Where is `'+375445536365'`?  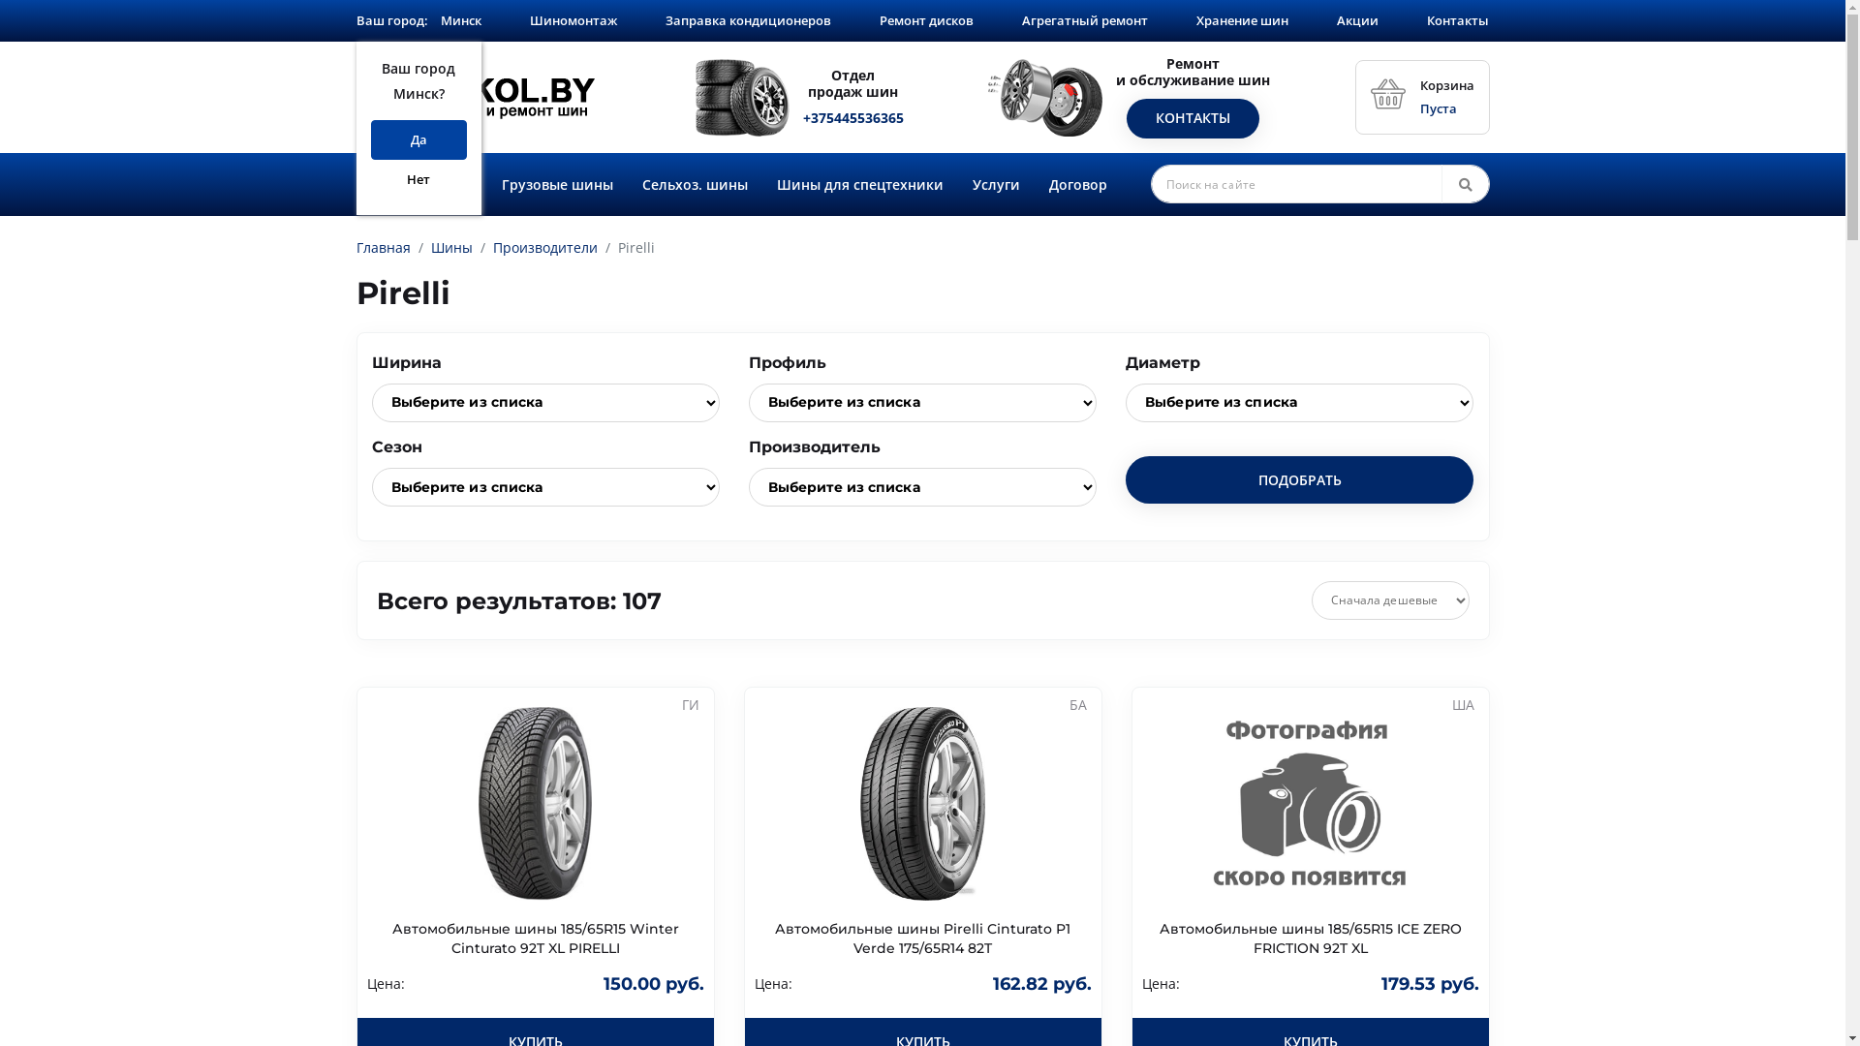
'+375445536365' is located at coordinates (852, 117).